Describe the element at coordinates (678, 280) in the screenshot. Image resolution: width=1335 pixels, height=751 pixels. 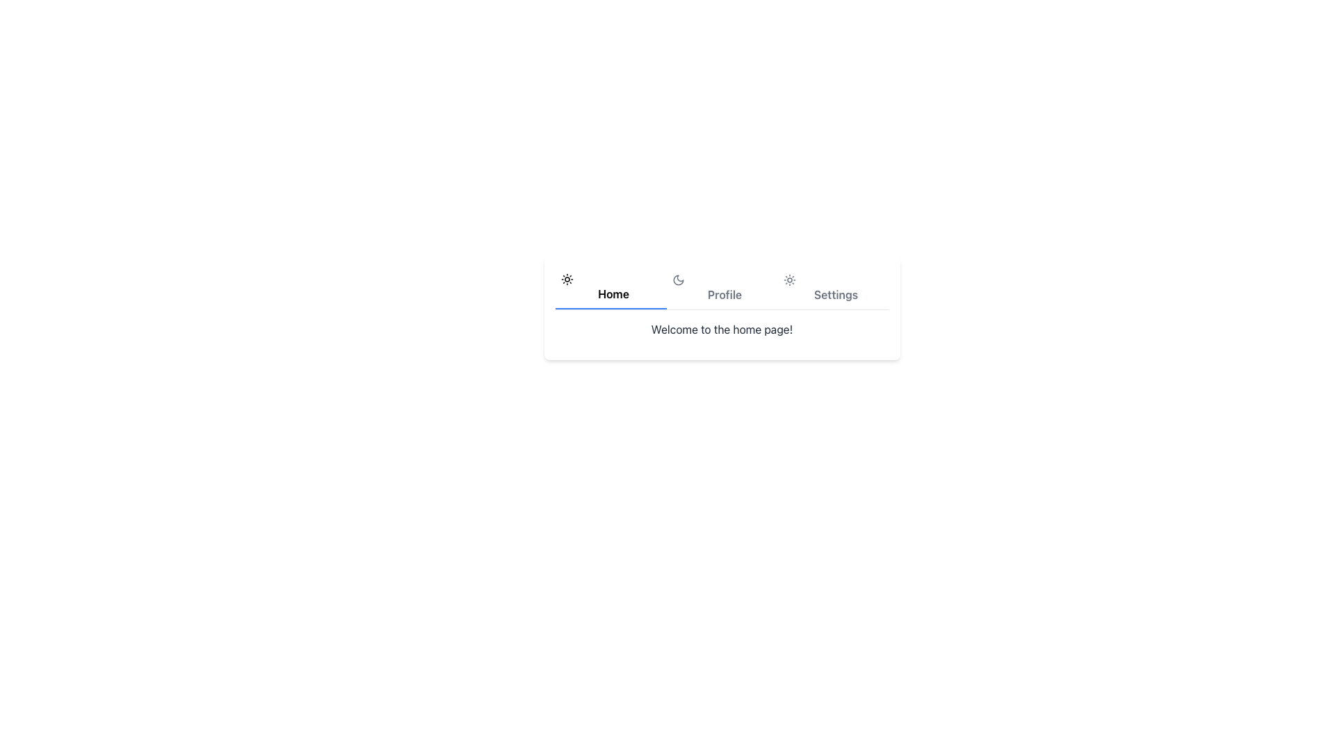
I see `the moon icon located in the navigation bar, positioned to the left of the 'Profile' label` at that location.